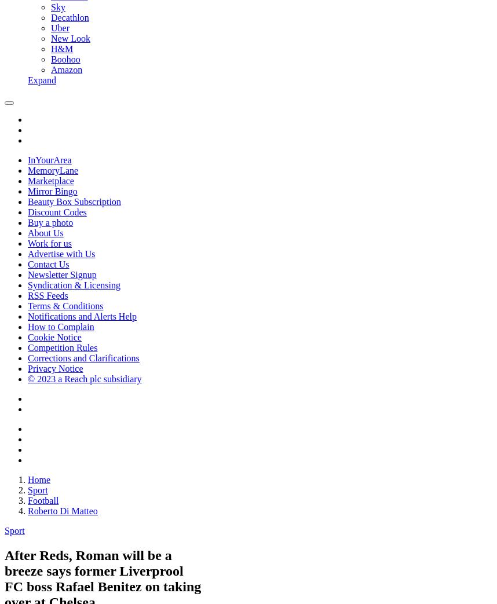 The image size is (497, 604). What do you see at coordinates (61, 327) in the screenshot?
I see `'How to Complain'` at bounding box center [61, 327].